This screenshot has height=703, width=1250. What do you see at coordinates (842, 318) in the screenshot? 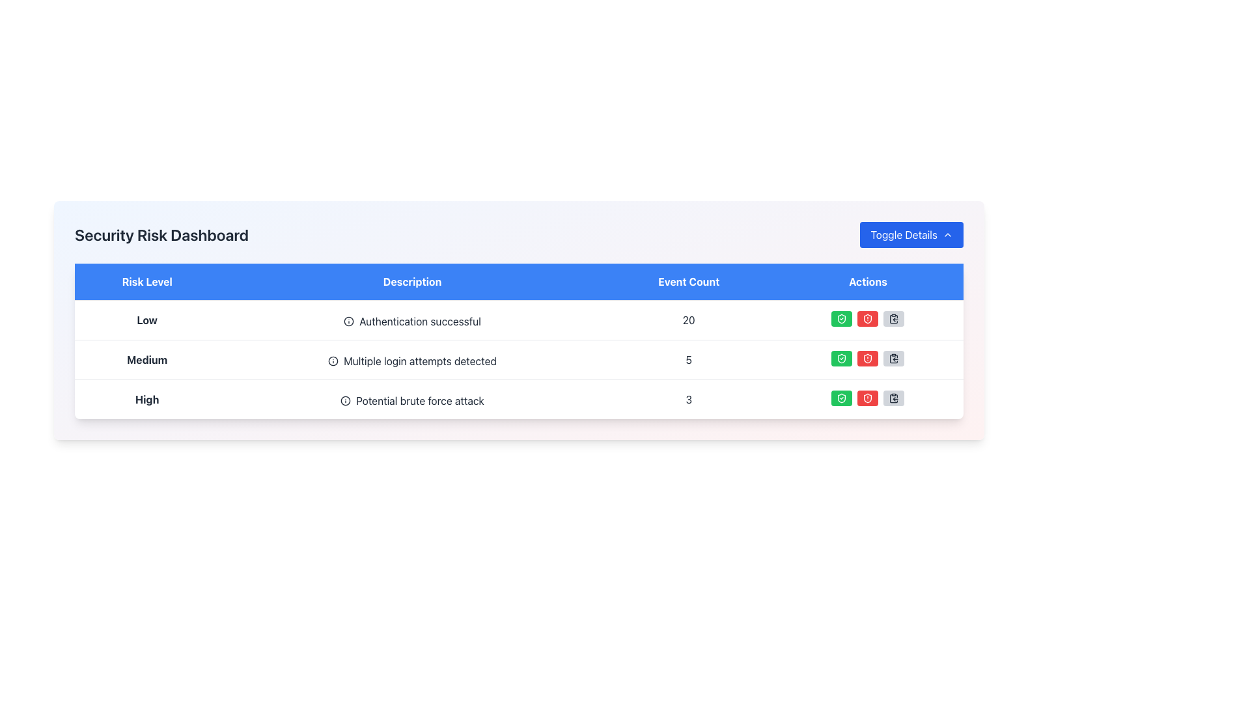
I see `the SVG icon representing a shield with a checkmark inside, which signifies approval for the 'Low Risk Level' entry in the actions column of the table` at bounding box center [842, 318].